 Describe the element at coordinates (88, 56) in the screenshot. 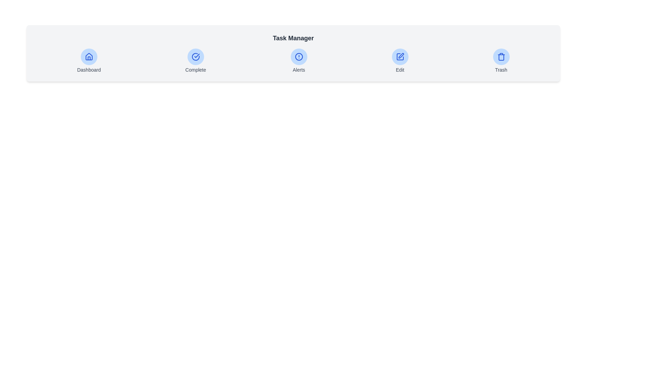

I see `the 'Dashboard' icon located in the top navigation bar` at that location.